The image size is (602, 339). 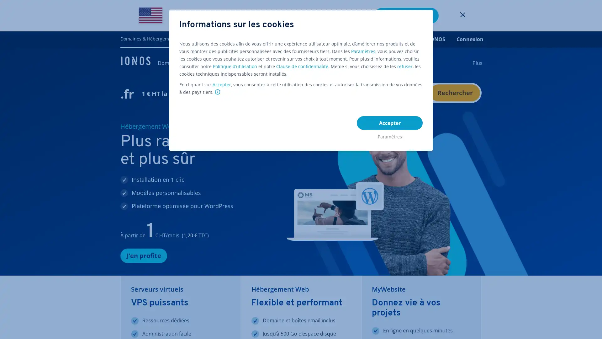 I want to click on WordPress, so click(x=322, y=63).